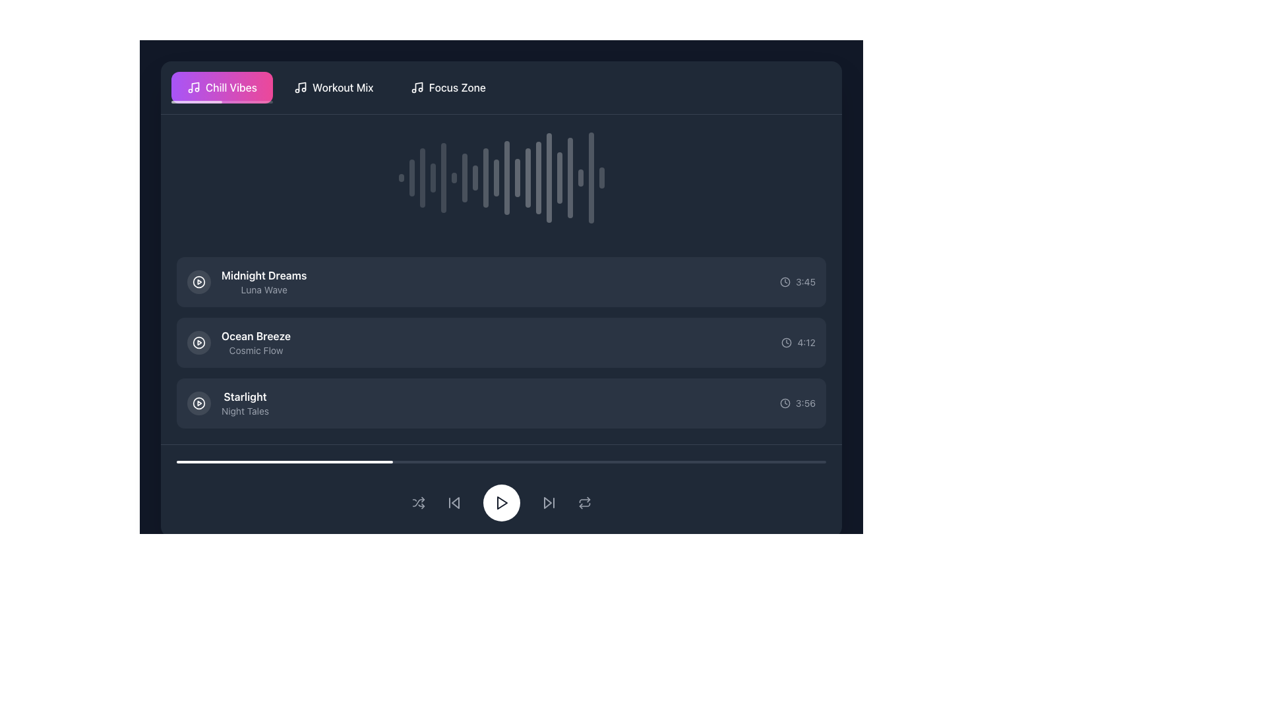 The height and width of the screenshot is (712, 1266). What do you see at coordinates (239, 342) in the screenshot?
I see `the styled text block containing 'Ocean Breeze' and 'Cosmic Flow', which is the second list item in the song list, located to the right of the circular play button` at bounding box center [239, 342].